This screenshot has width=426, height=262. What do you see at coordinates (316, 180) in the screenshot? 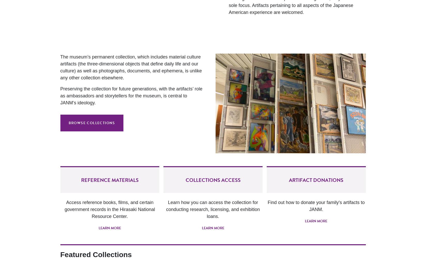
I see `'Artifact Donations'` at bounding box center [316, 180].